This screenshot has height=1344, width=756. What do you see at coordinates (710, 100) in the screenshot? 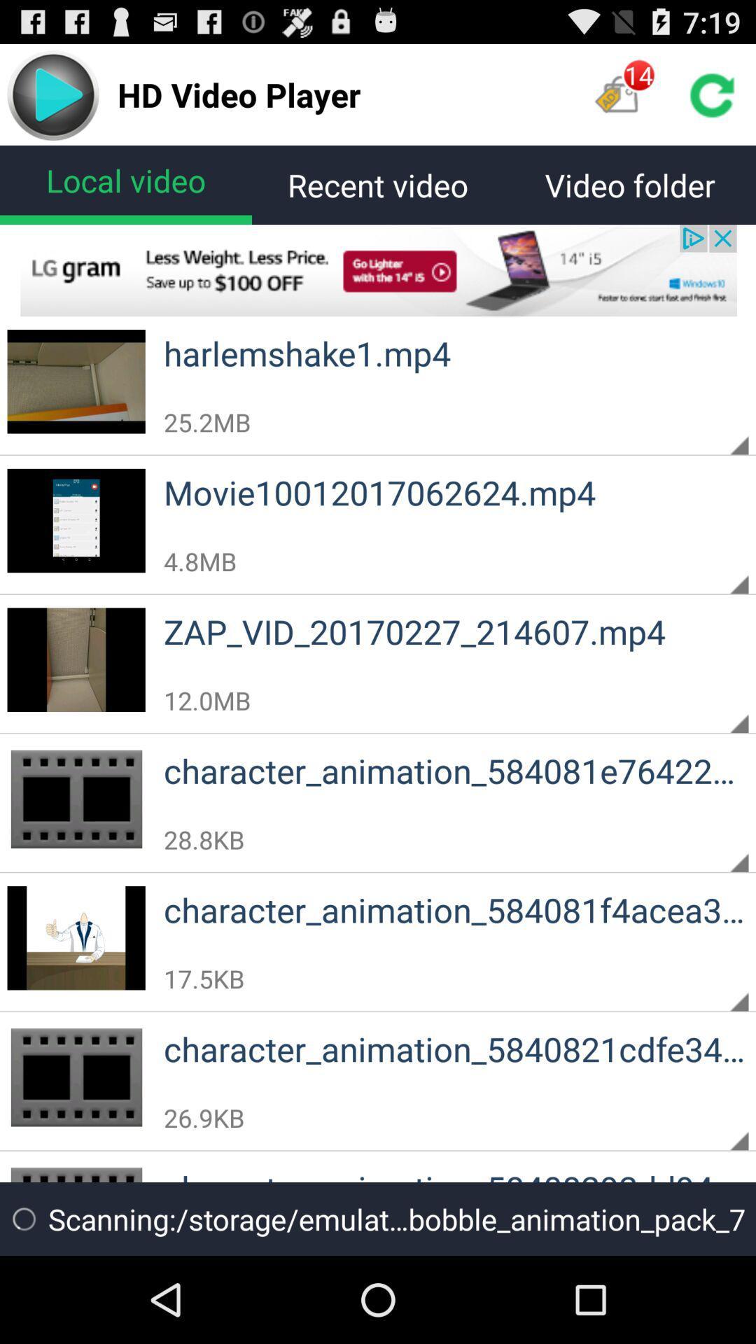
I see `the refresh icon` at bounding box center [710, 100].